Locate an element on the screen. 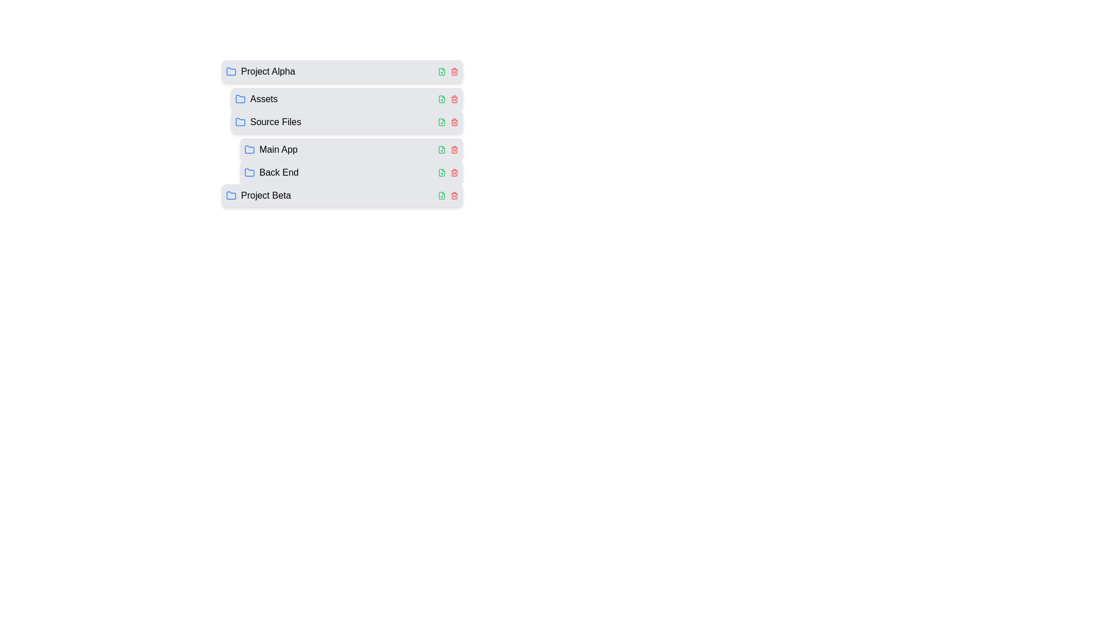  the text label representing a section identifier in the directory structure located under 'Source Files' and above 'Back End' is located at coordinates (278, 149).